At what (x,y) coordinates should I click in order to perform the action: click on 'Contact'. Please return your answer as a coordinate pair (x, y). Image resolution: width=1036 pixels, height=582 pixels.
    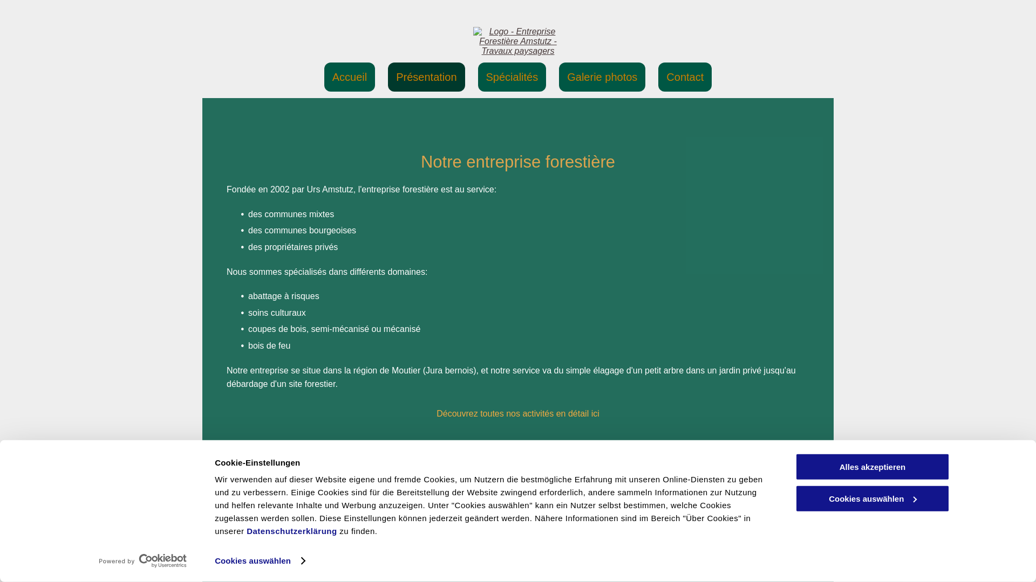
    Looking at the image, I should click on (657, 76).